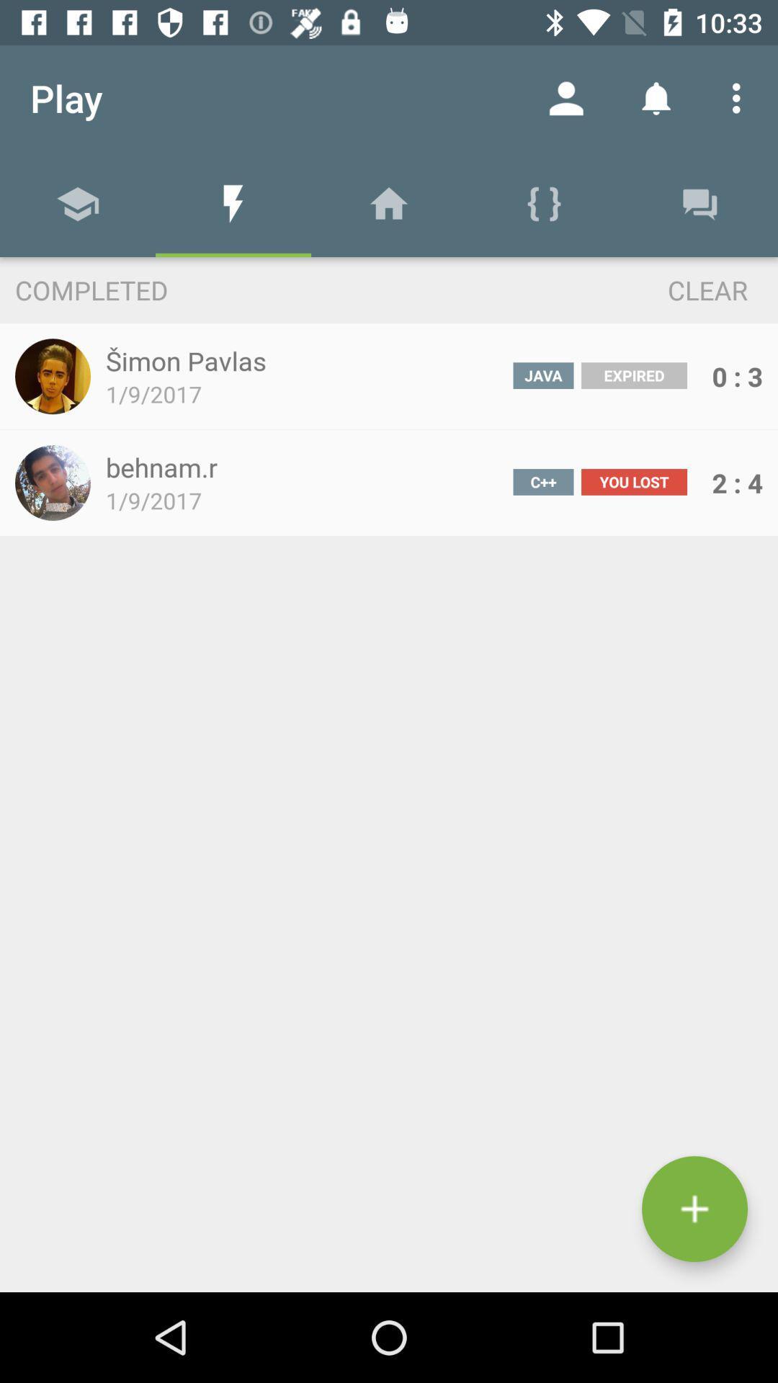 The height and width of the screenshot is (1383, 778). Describe the element at coordinates (681, 289) in the screenshot. I see `the icon above the 0 : 3 icon` at that location.